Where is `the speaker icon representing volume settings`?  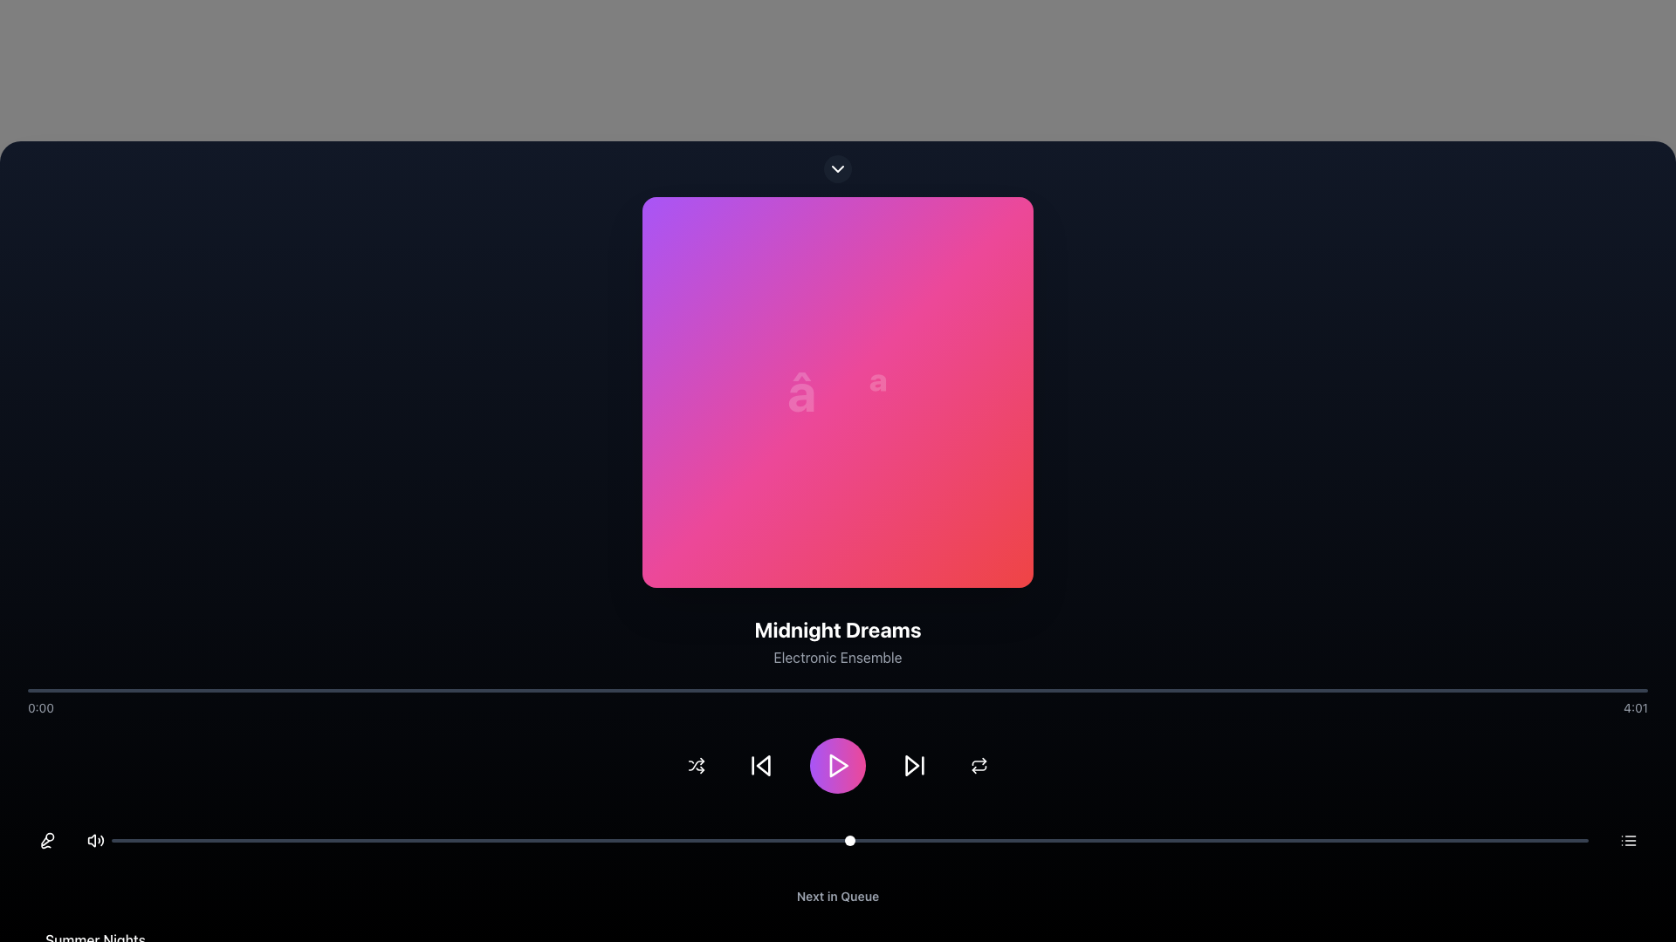
the speaker icon representing volume settings is located at coordinates (95, 840).